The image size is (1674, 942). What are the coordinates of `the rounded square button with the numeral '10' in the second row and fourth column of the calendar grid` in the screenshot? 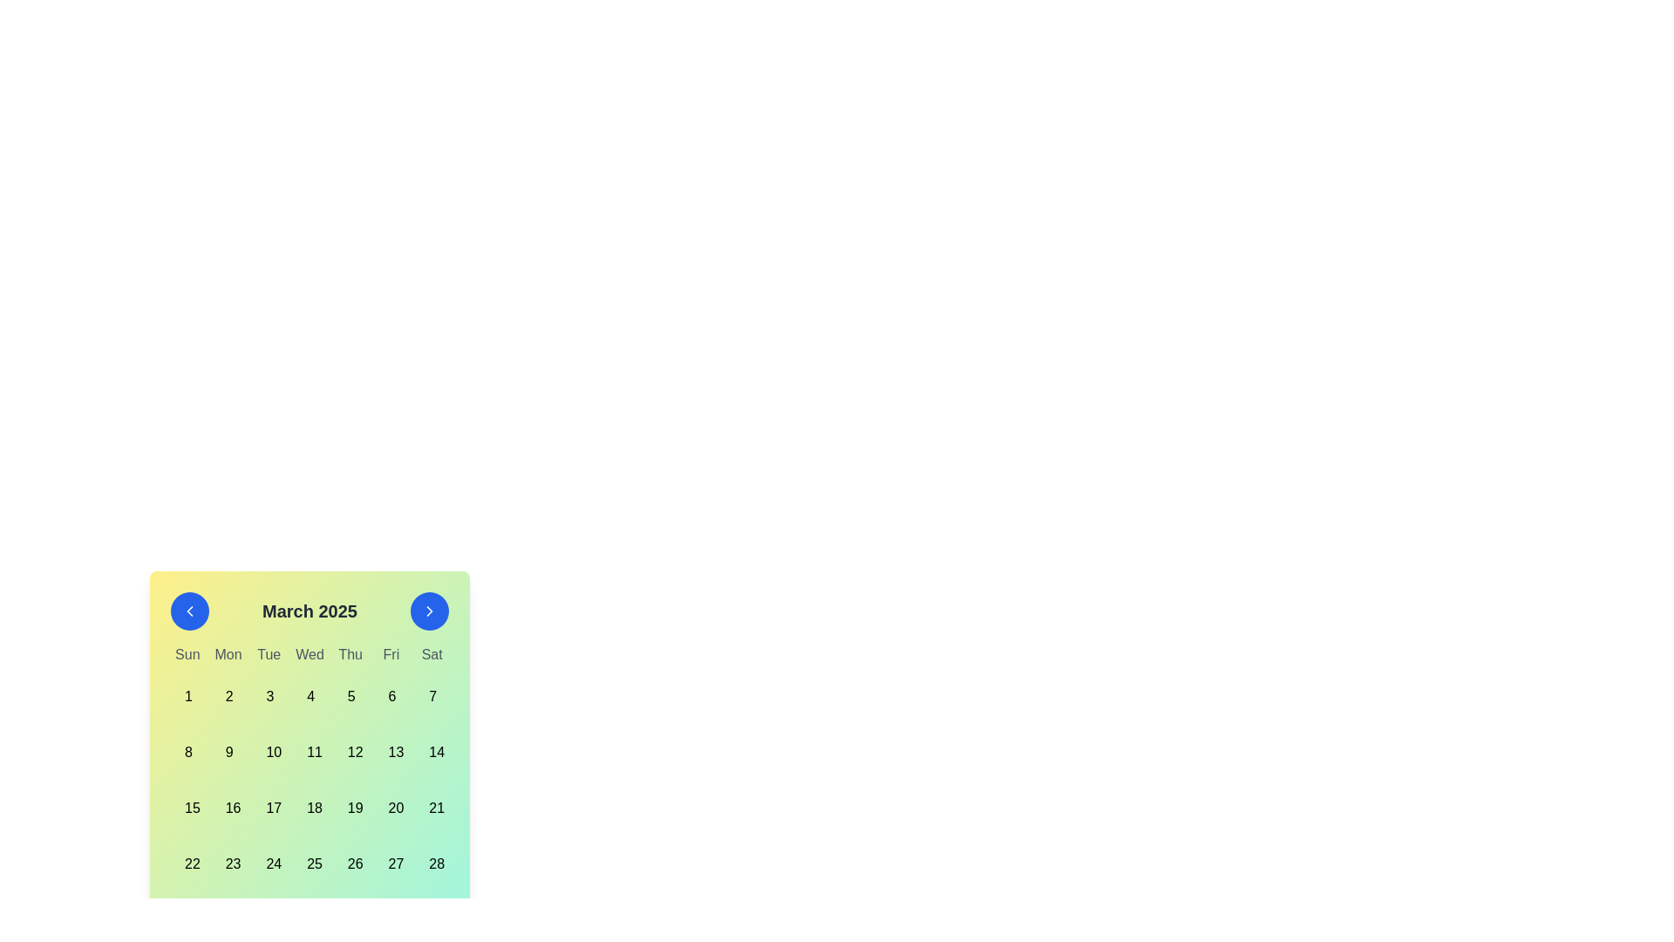 It's located at (268, 752).